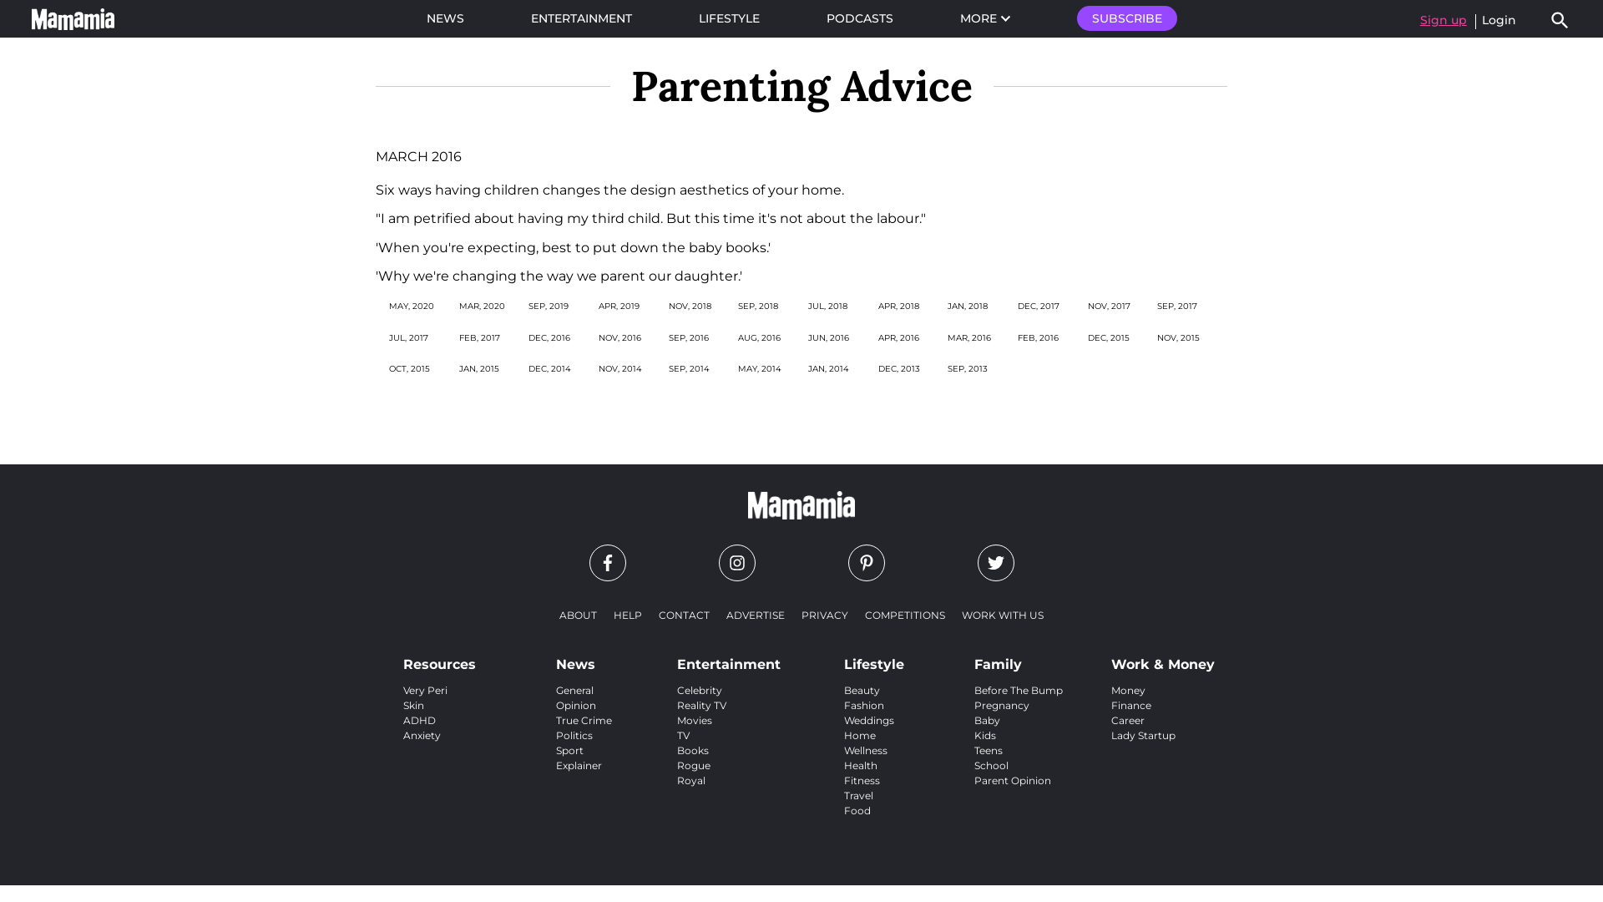  I want to click on 'Money', so click(1110, 690).